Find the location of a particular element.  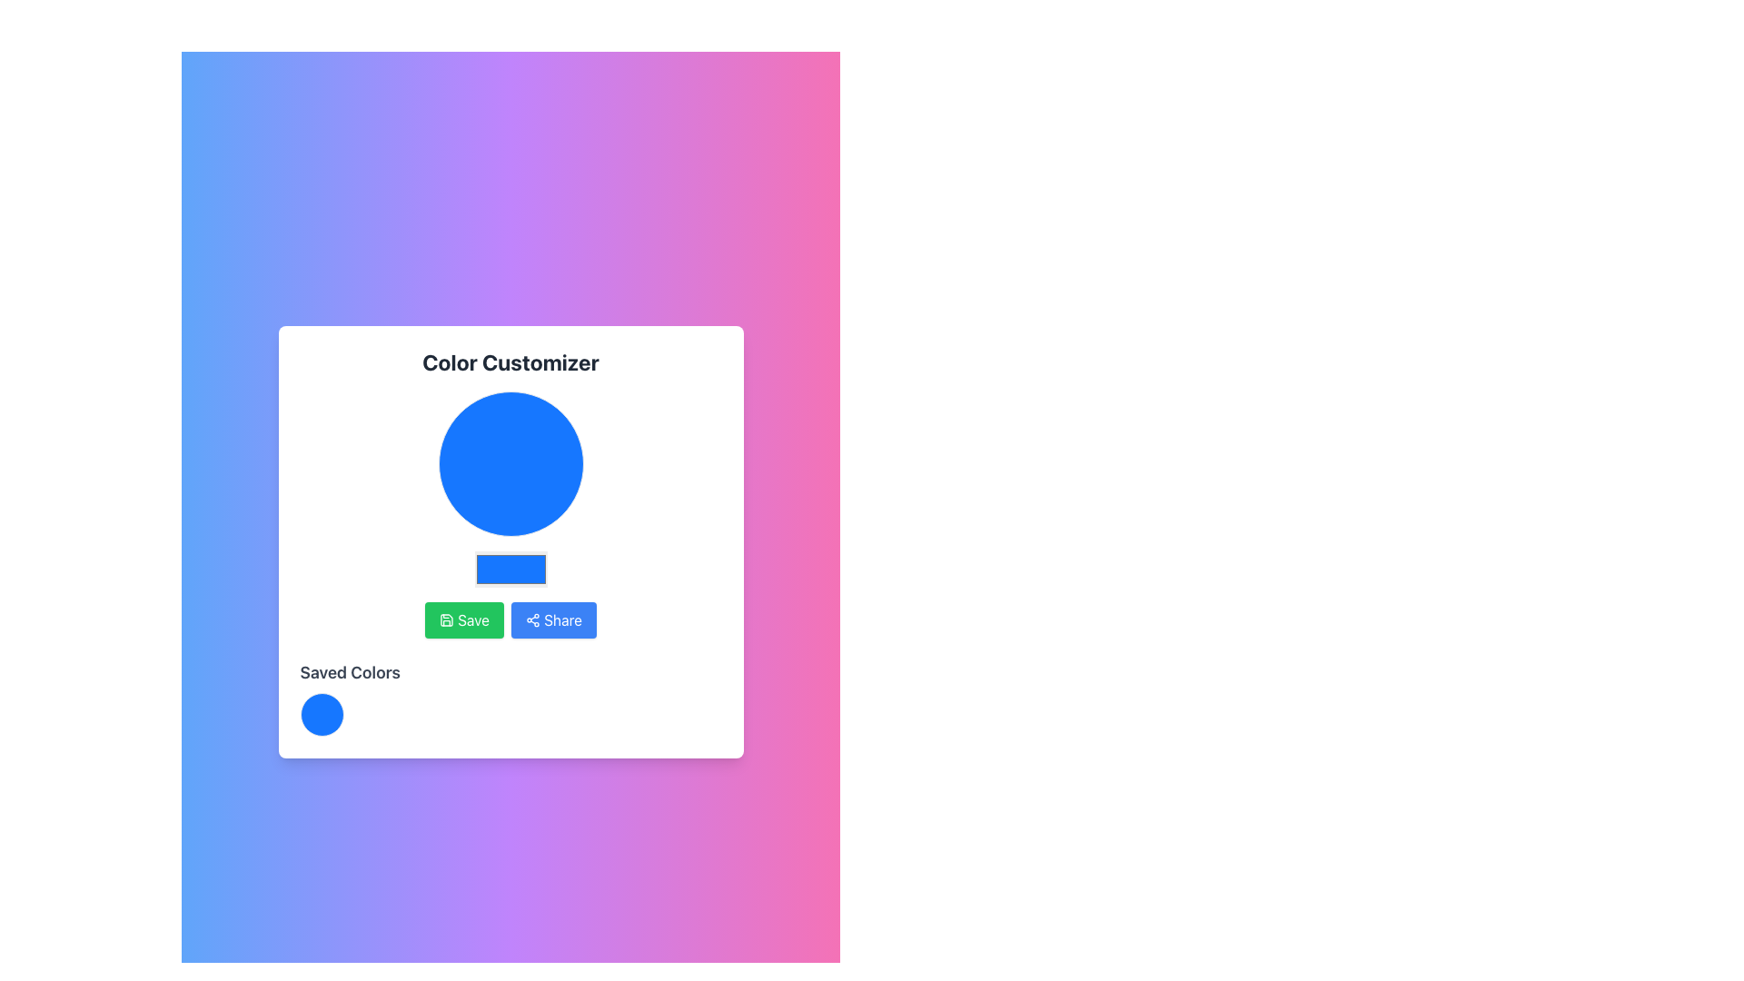

the Color input/button located in the 'Color Customizer' section, which is horizontally centered and positioned just below the circular color preview is located at coordinates (510, 569).